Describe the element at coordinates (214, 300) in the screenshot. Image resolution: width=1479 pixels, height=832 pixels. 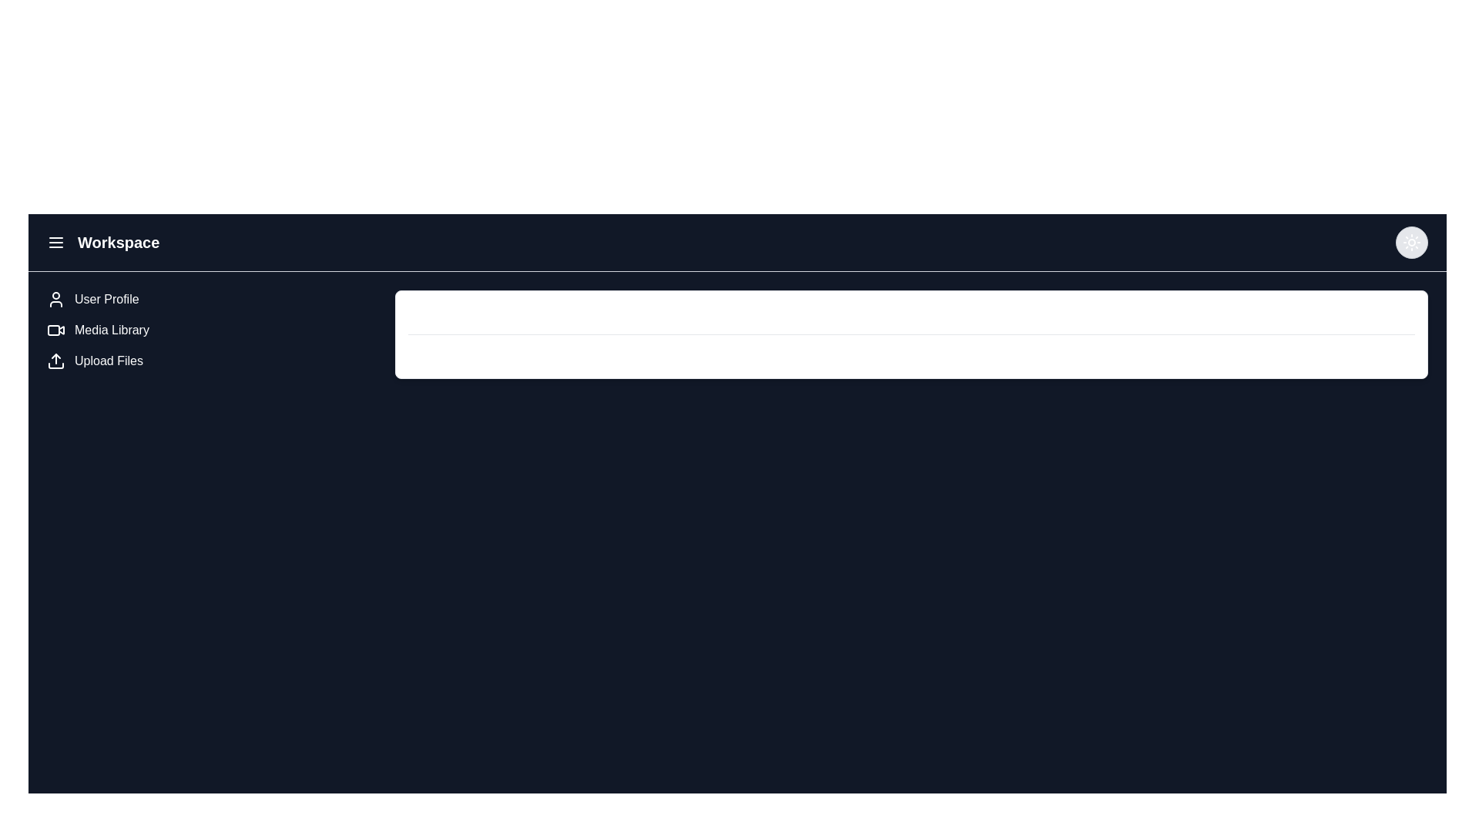
I see `the first navigation item in the vertically stacked menu for user profile functionalities by clicking on it` at that location.